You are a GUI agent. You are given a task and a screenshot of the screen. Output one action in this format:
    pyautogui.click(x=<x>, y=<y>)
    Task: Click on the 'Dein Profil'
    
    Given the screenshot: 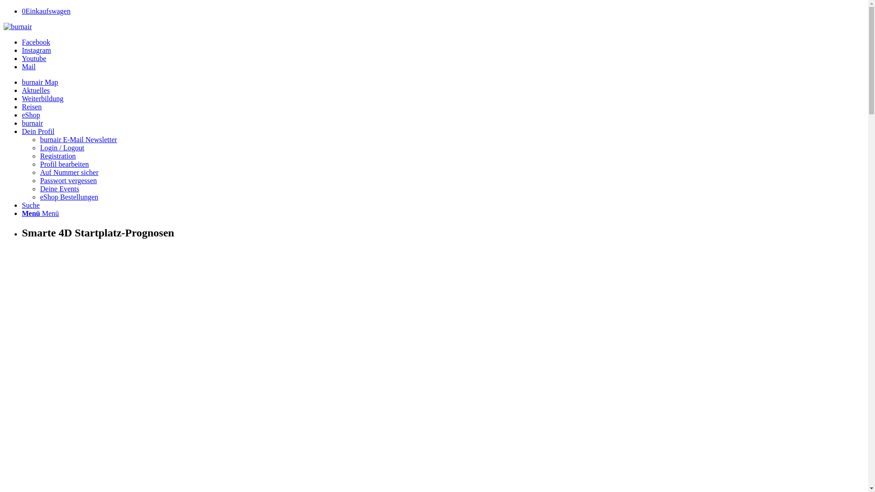 What is the action you would take?
    pyautogui.click(x=37, y=131)
    